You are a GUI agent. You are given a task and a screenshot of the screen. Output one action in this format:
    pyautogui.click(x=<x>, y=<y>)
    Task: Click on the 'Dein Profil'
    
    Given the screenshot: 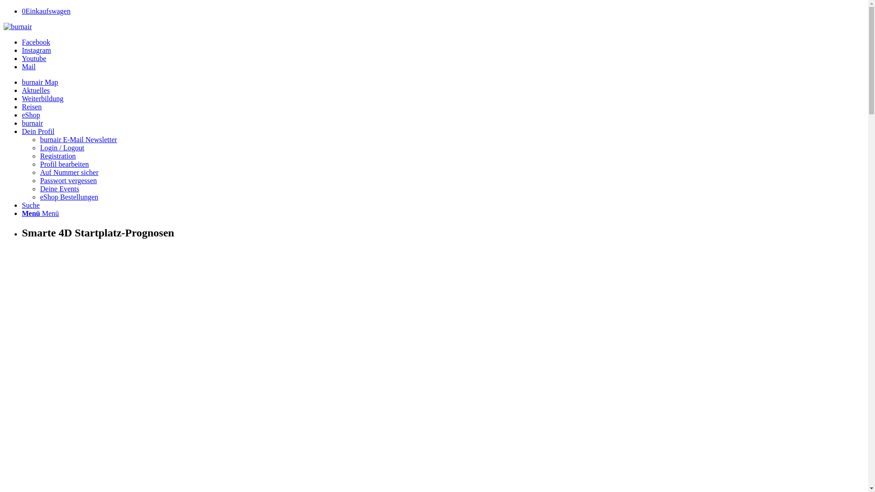 What is the action you would take?
    pyautogui.click(x=37, y=131)
    